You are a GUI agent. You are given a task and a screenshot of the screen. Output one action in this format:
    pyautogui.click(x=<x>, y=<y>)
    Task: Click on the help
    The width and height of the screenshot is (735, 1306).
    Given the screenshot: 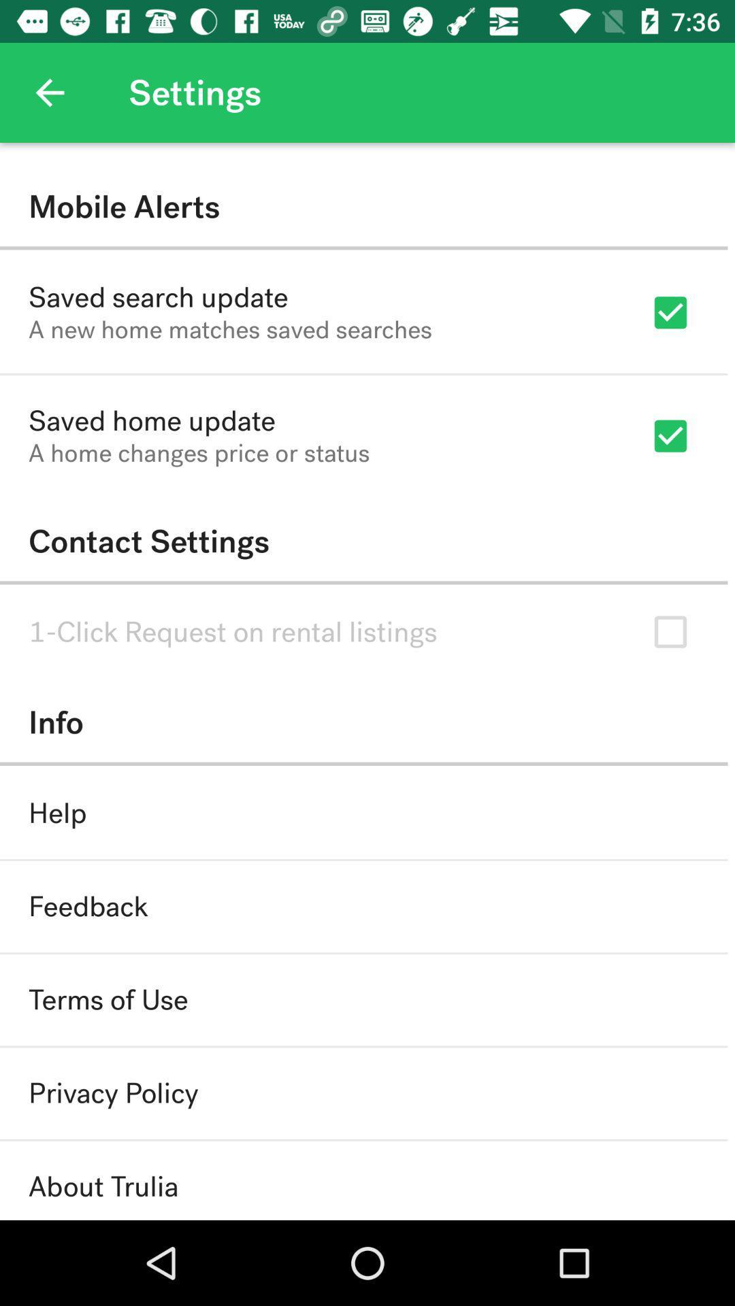 What is the action you would take?
    pyautogui.click(x=56, y=813)
    